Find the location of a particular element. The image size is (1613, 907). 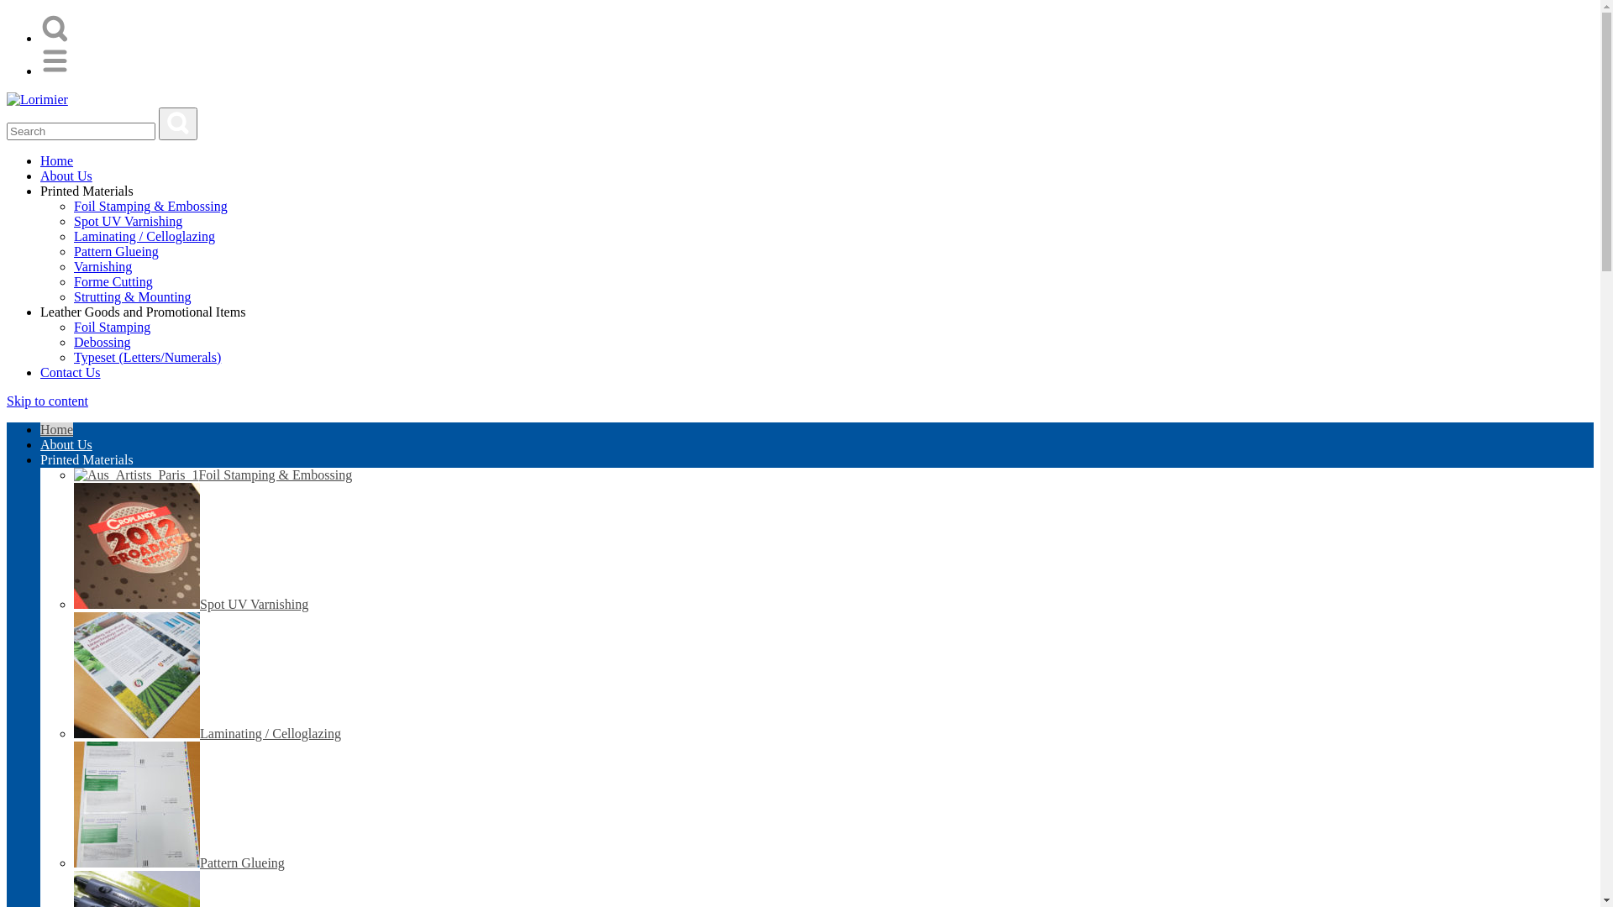

'Strutting & Mounting' is located at coordinates (132, 296).